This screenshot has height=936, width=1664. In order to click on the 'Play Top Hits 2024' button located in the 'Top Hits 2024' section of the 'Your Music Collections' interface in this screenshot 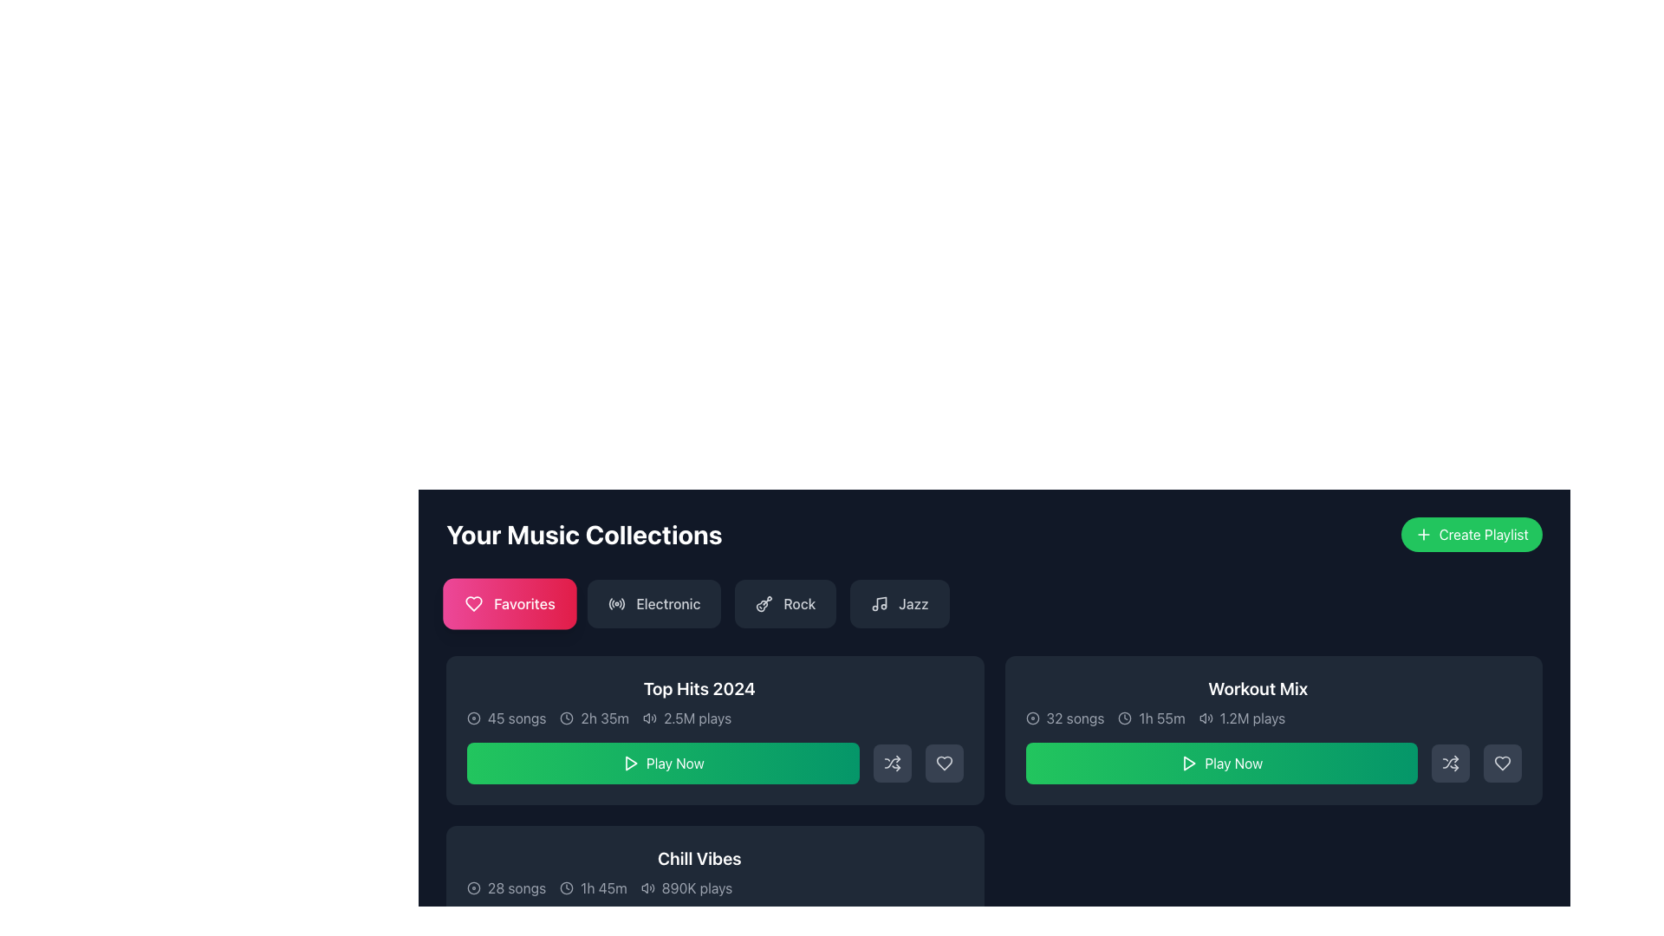, I will do `click(715, 762)`.